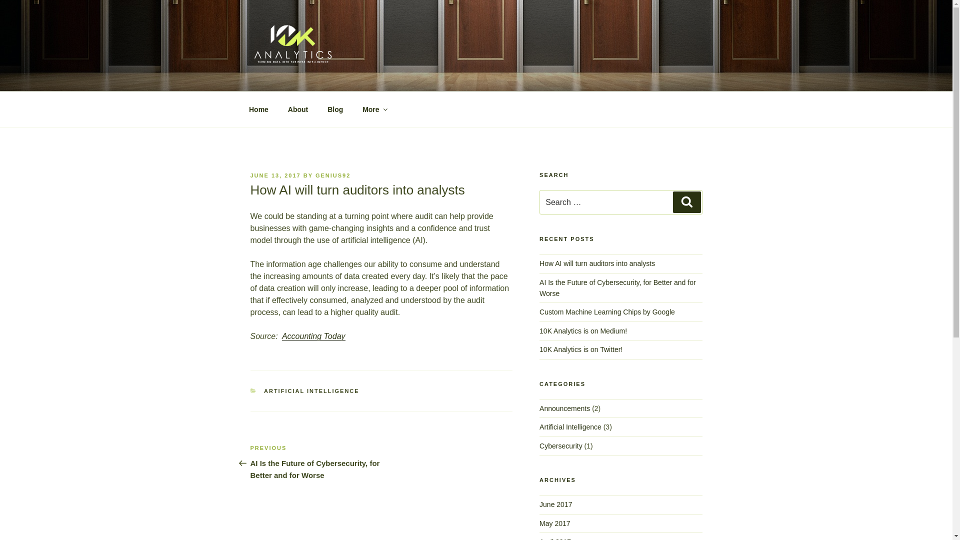  I want to click on 'GENIUS92', so click(333, 175).